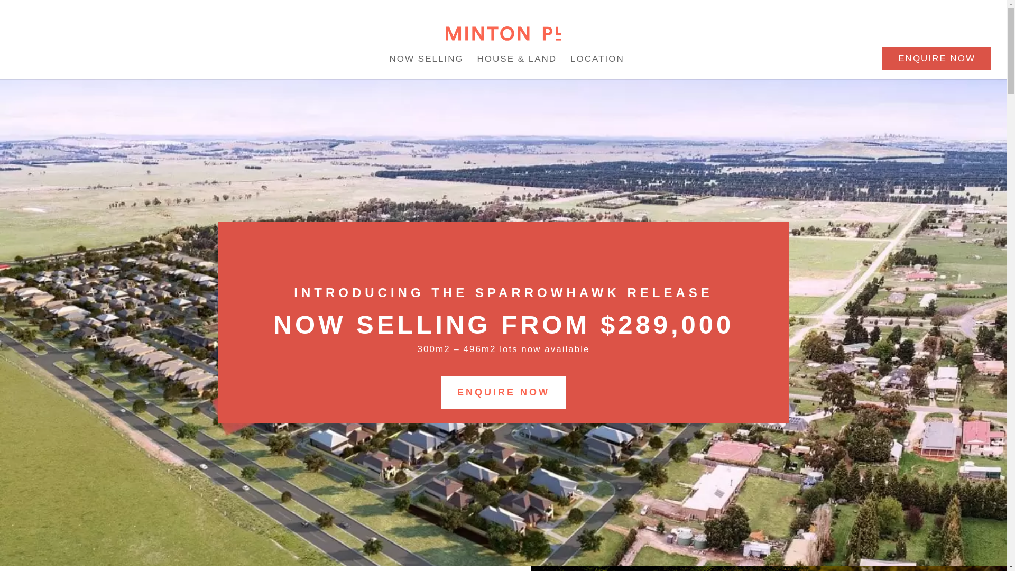  I want to click on 'ENQUIRE NOW', so click(503, 392).